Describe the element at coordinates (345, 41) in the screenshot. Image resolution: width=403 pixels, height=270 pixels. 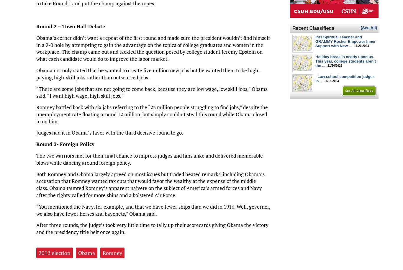
I see `'Int’l Spiritual Teacher and GRAMMY Rocker Empower Inner Support with

New ...'` at that location.